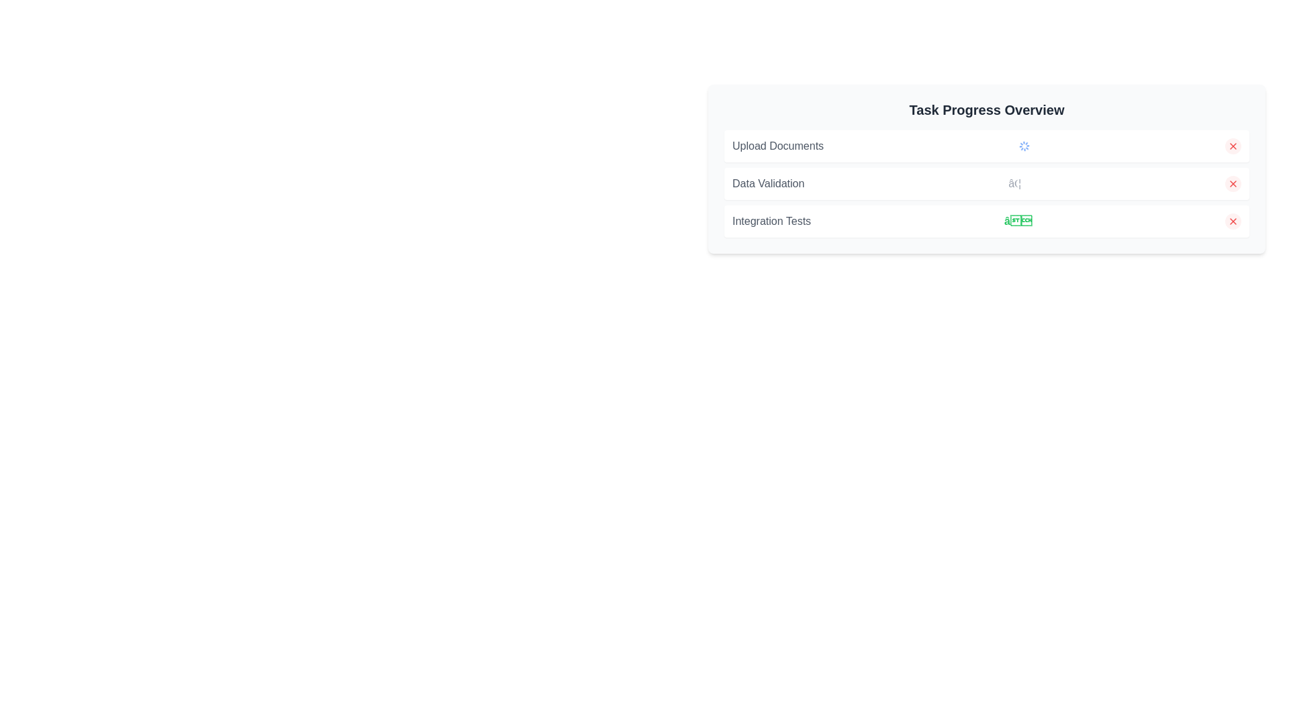 The height and width of the screenshot is (725, 1289). I want to click on the small, bold, green checkmark symbol indicating success in the 'Integration Tests' row of the task progress overview UI, so click(1018, 221).